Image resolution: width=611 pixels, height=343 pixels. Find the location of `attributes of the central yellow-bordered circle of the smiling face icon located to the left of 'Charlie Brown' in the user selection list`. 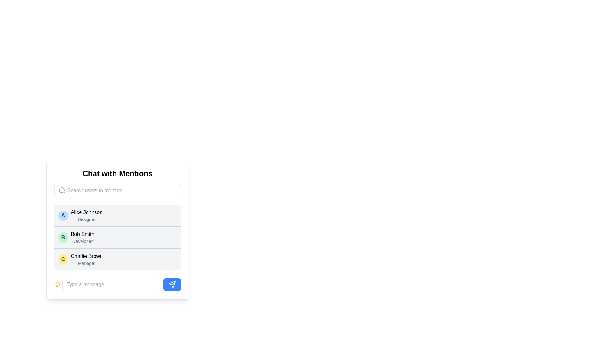

attributes of the central yellow-bordered circle of the smiling face icon located to the left of 'Charlie Brown' in the user selection list is located at coordinates (57, 284).